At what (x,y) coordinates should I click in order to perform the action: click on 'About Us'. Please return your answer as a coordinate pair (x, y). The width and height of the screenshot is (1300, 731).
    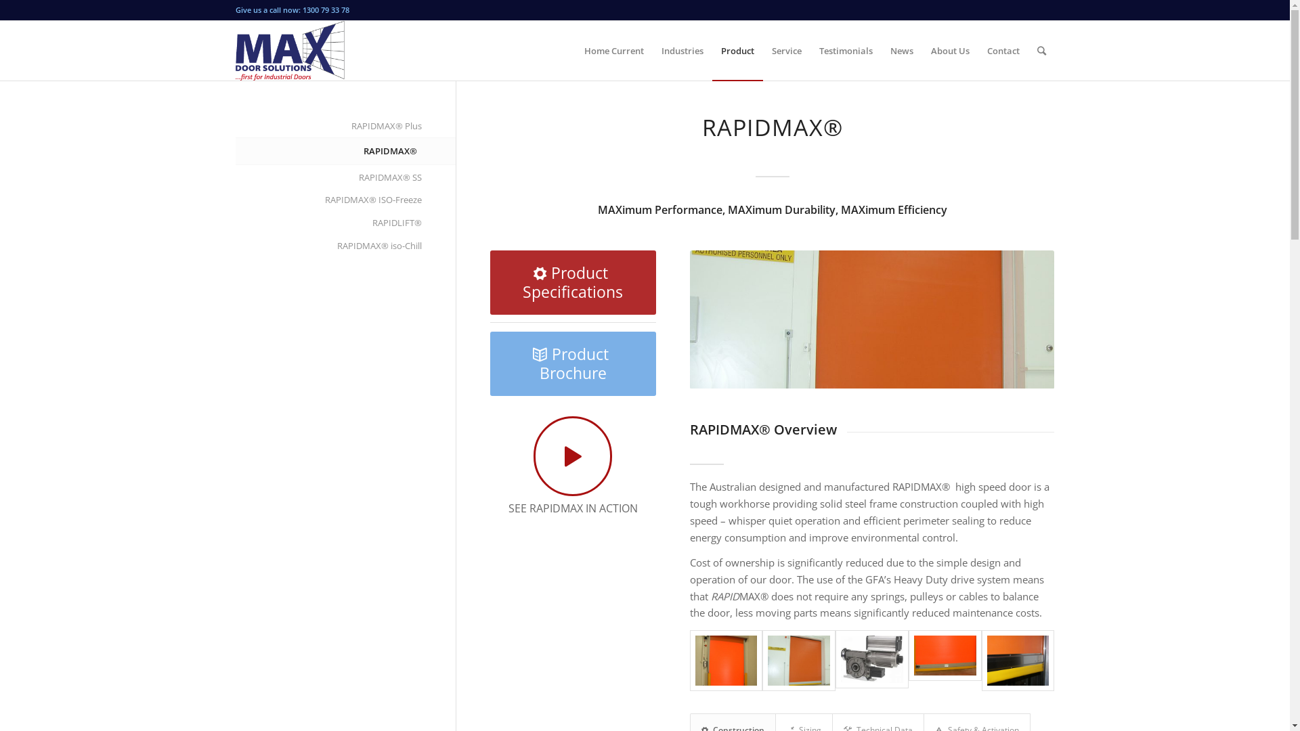
    Looking at the image, I should click on (922, 49).